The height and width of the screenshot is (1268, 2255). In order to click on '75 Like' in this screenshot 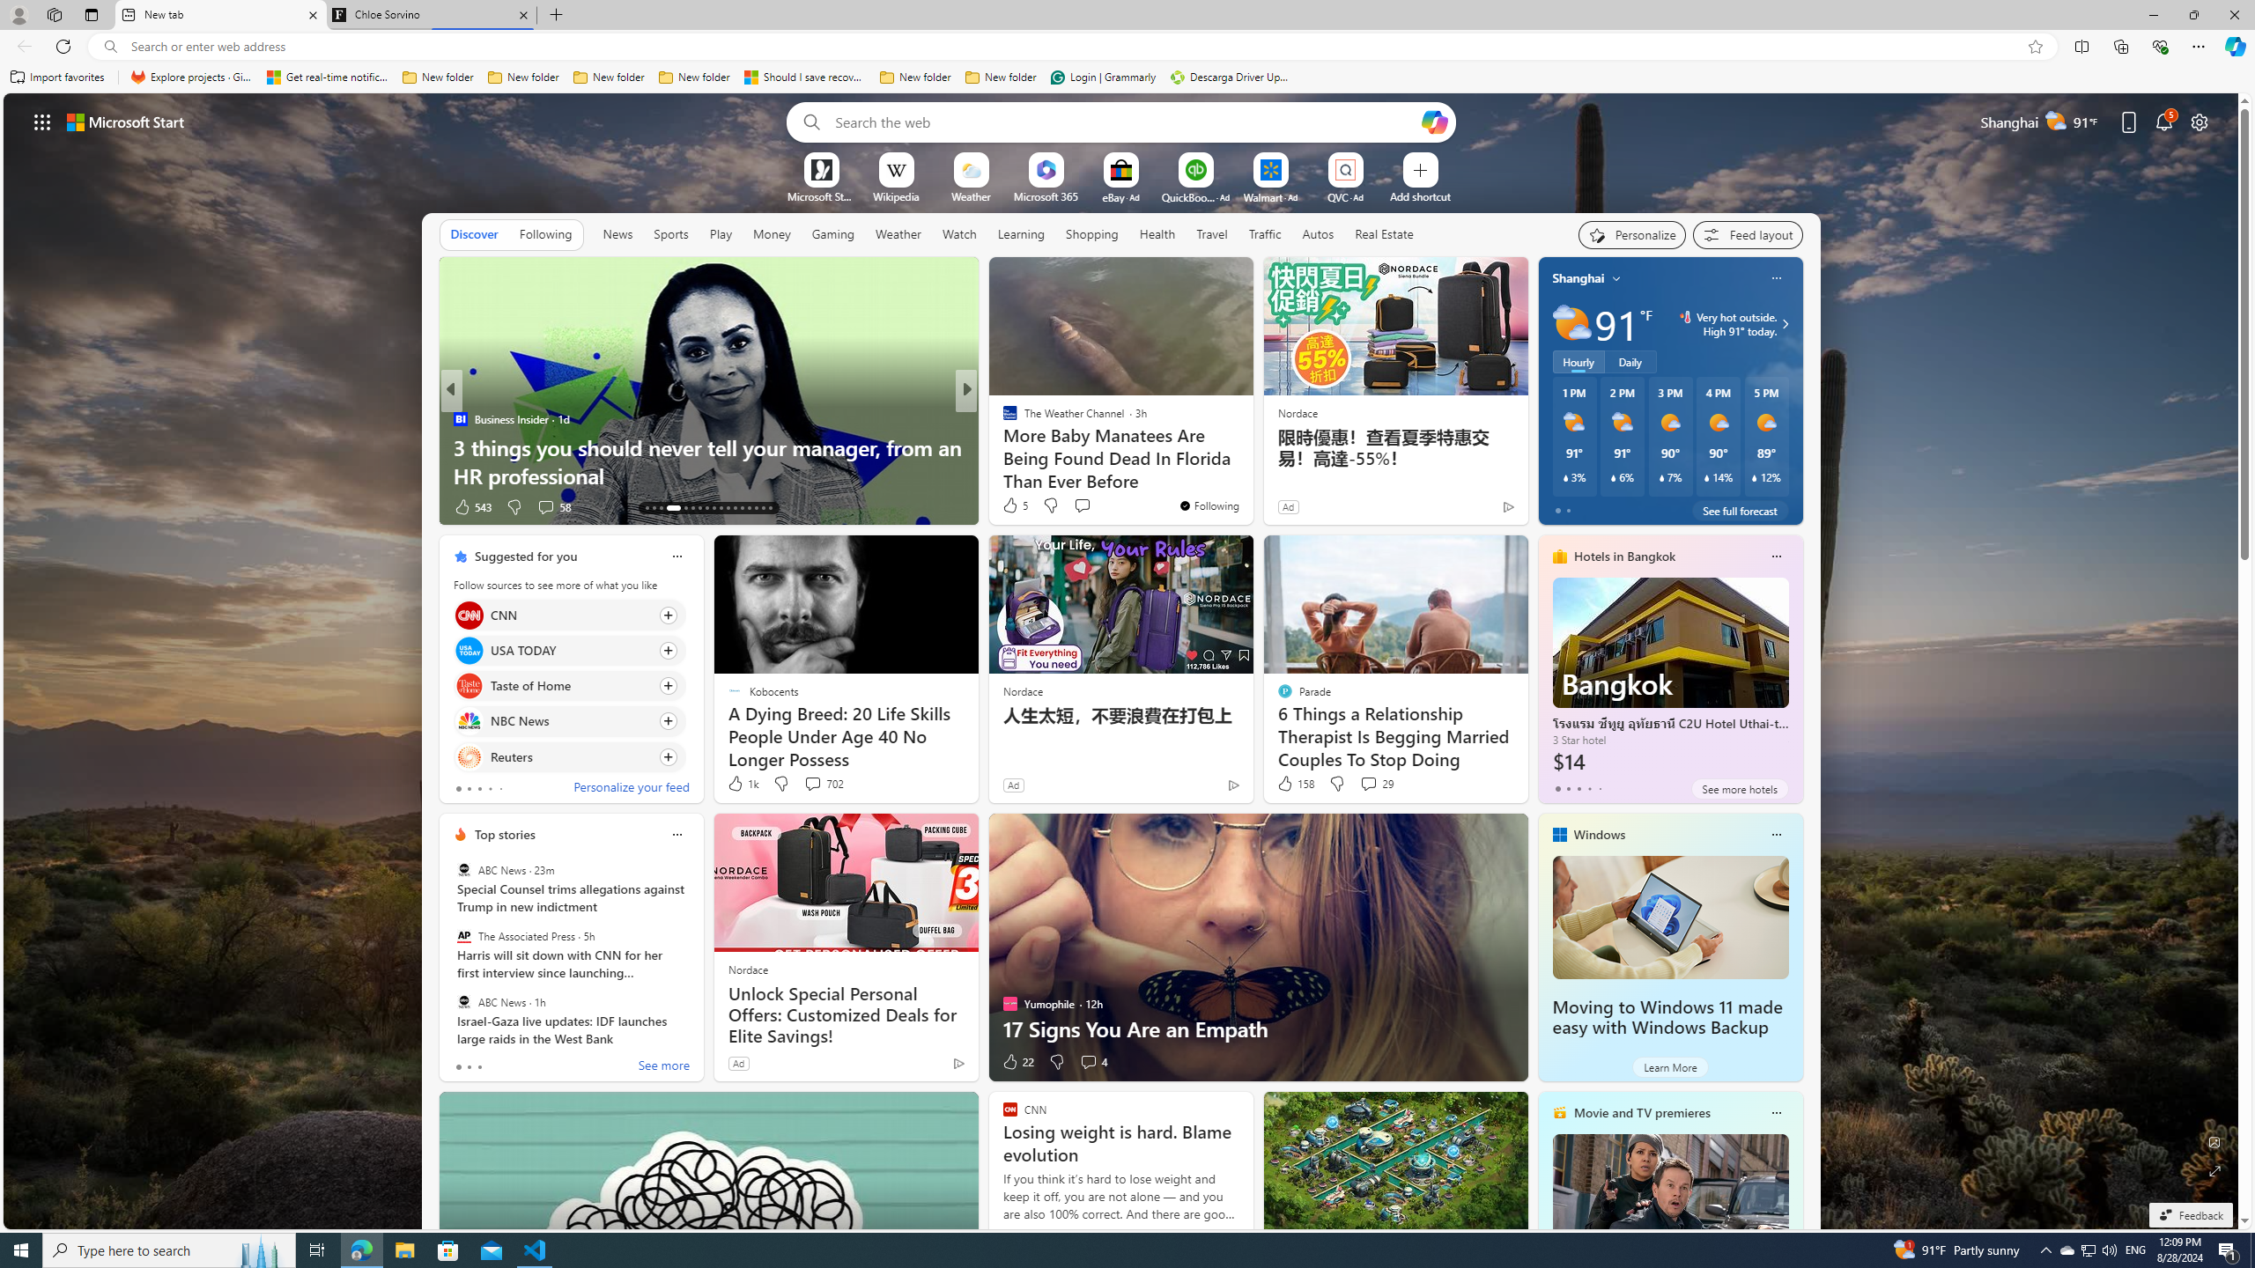, I will do `click(1010, 506)`.